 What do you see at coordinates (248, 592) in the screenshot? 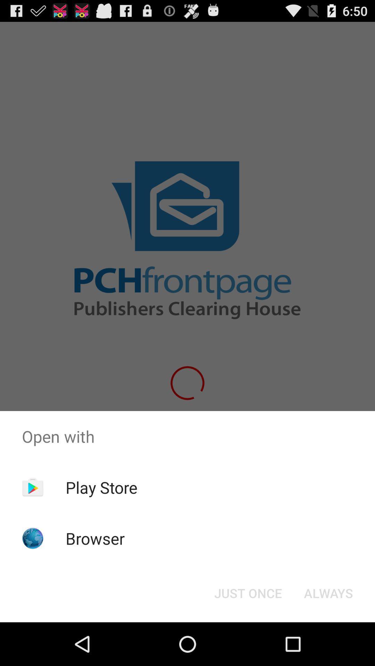
I see `the app below open with` at bounding box center [248, 592].